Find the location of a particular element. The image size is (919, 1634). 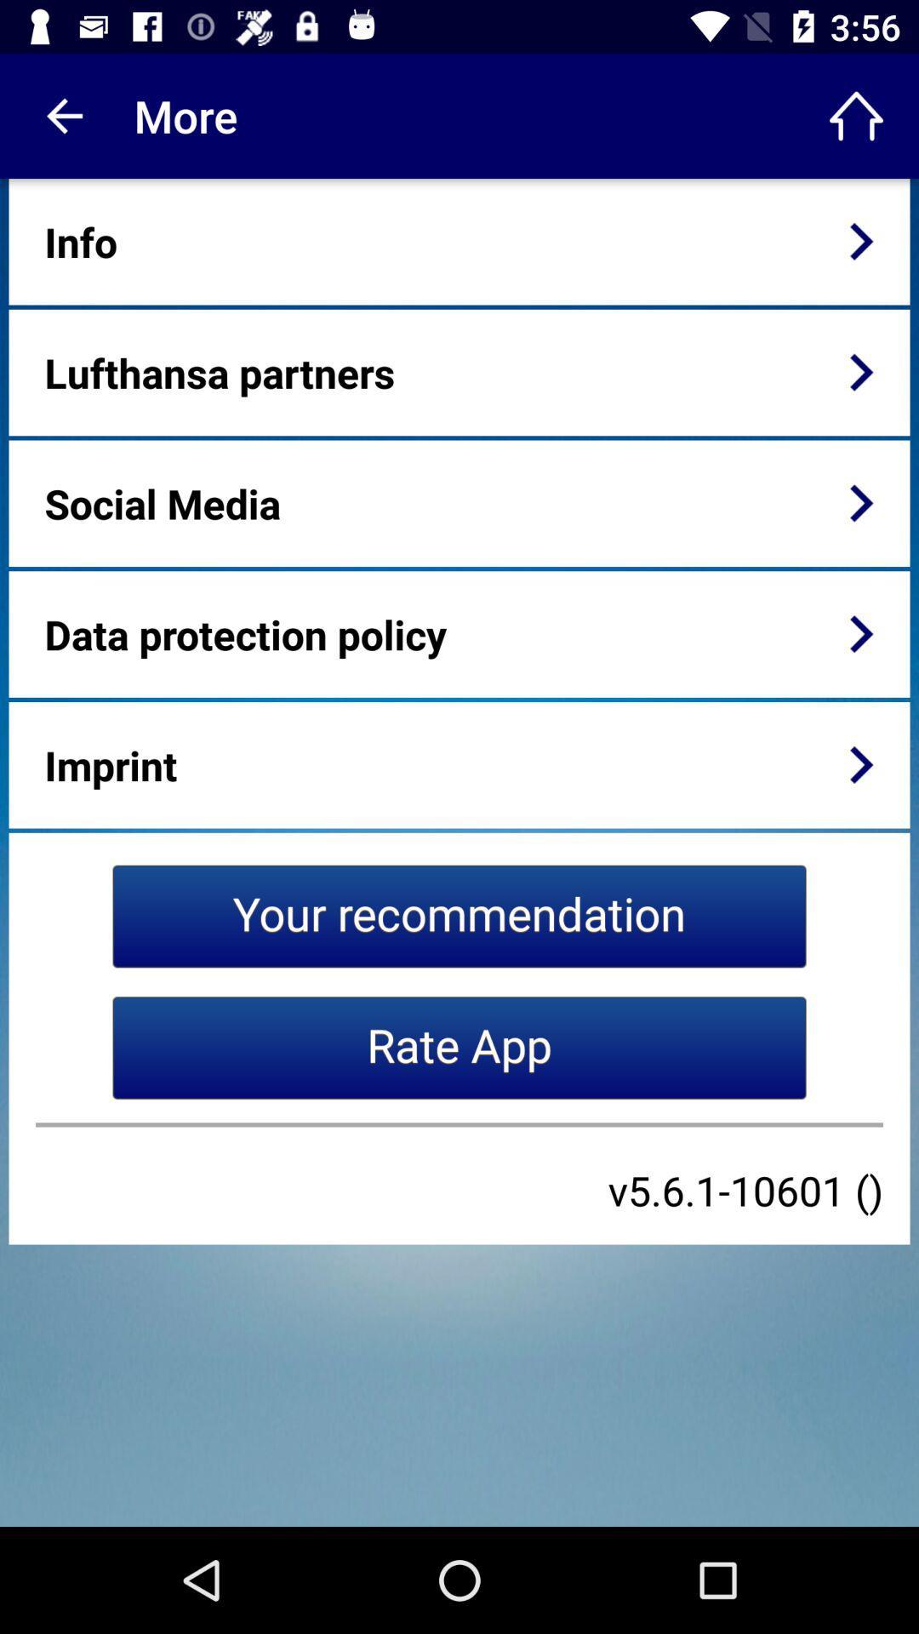

imprint is located at coordinates (111, 764).